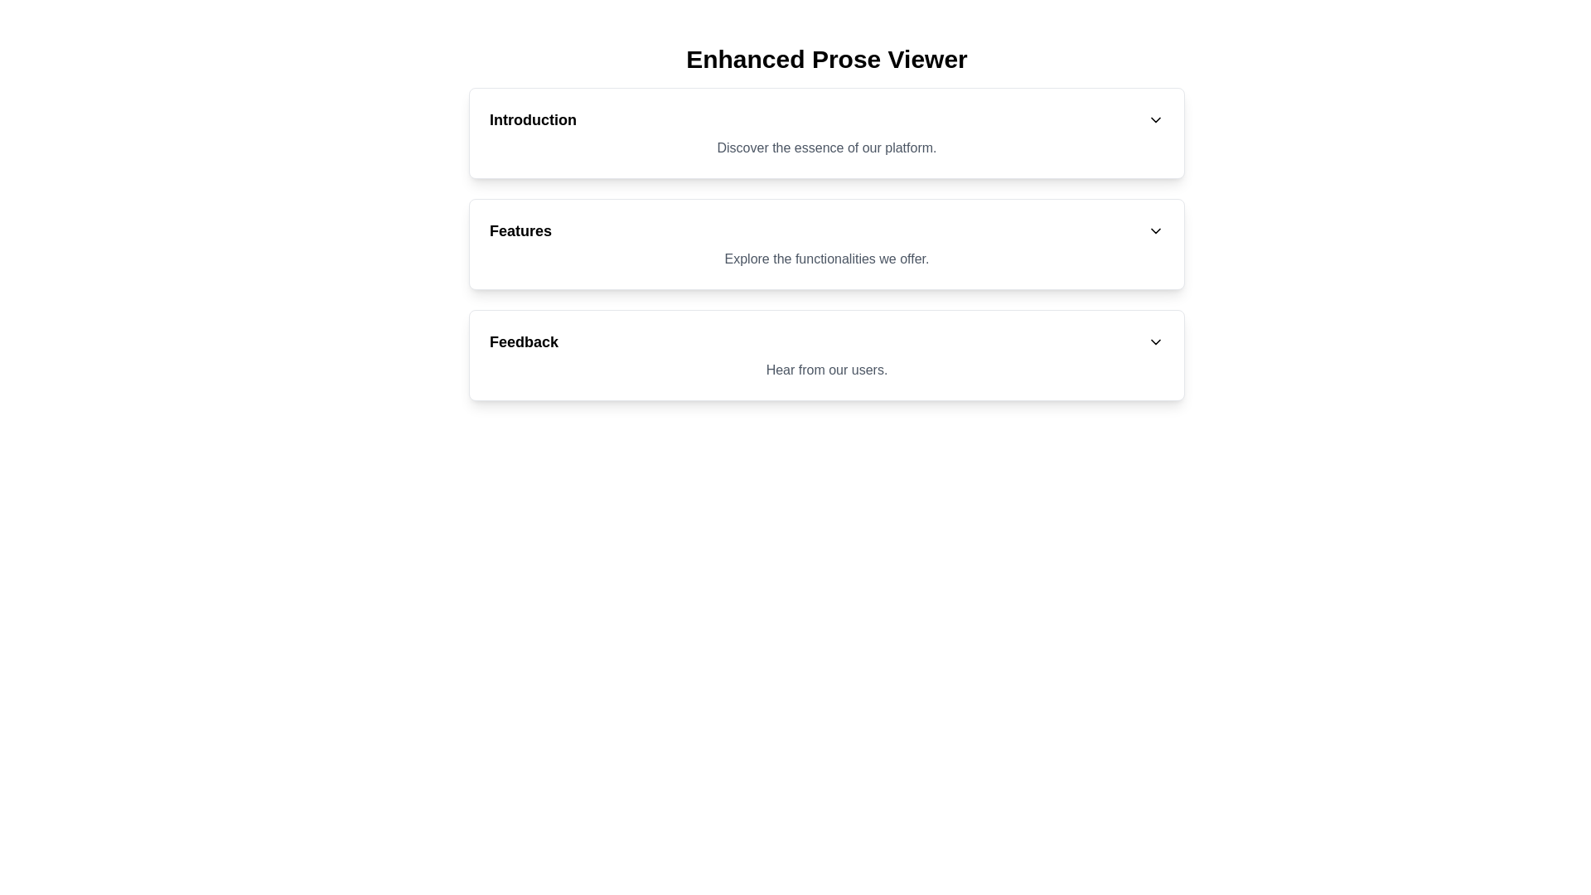 This screenshot has width=1591, height=895. I want to click on the static text element that reads 'Explore the functionalities we offer.', which is positioned below the title 'Features' in the Features section card, so click(827, 259).